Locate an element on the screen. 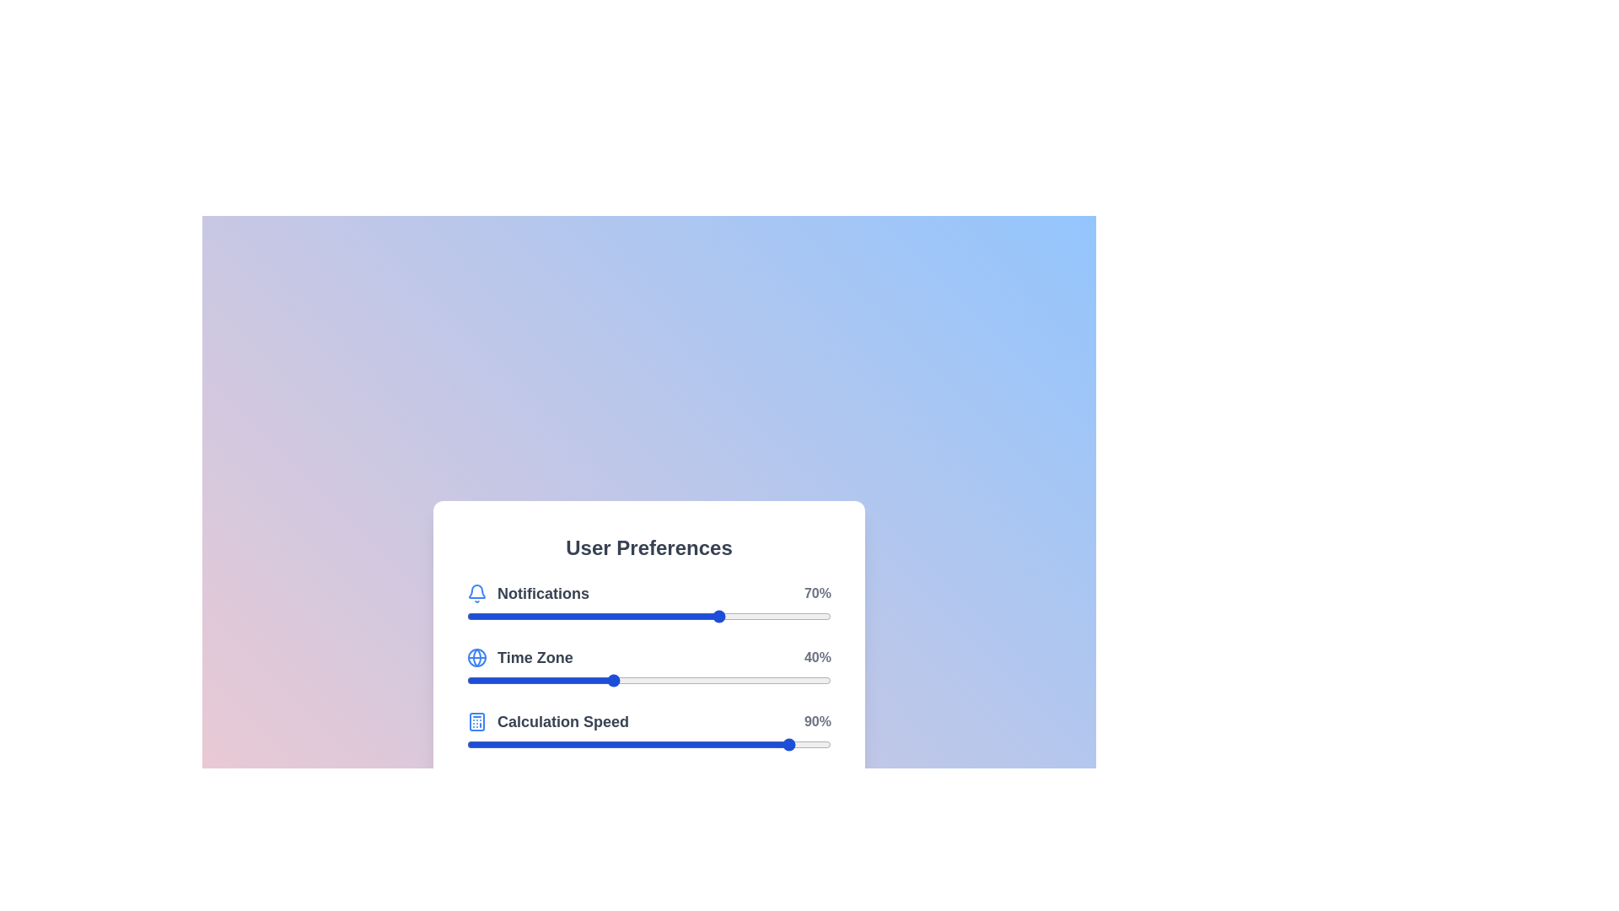  the 'Time Zone' slider to 24% by dragging the slider to the corresponding position is located at coordinates (554, 679).